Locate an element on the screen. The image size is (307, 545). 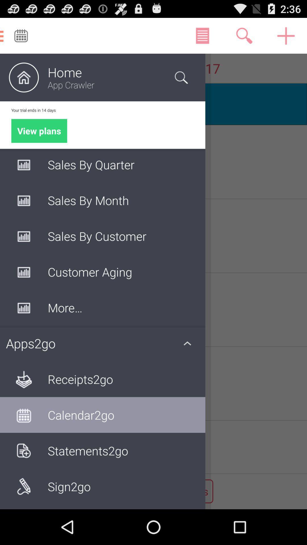
the home icon is located at coordinates (24, 83).